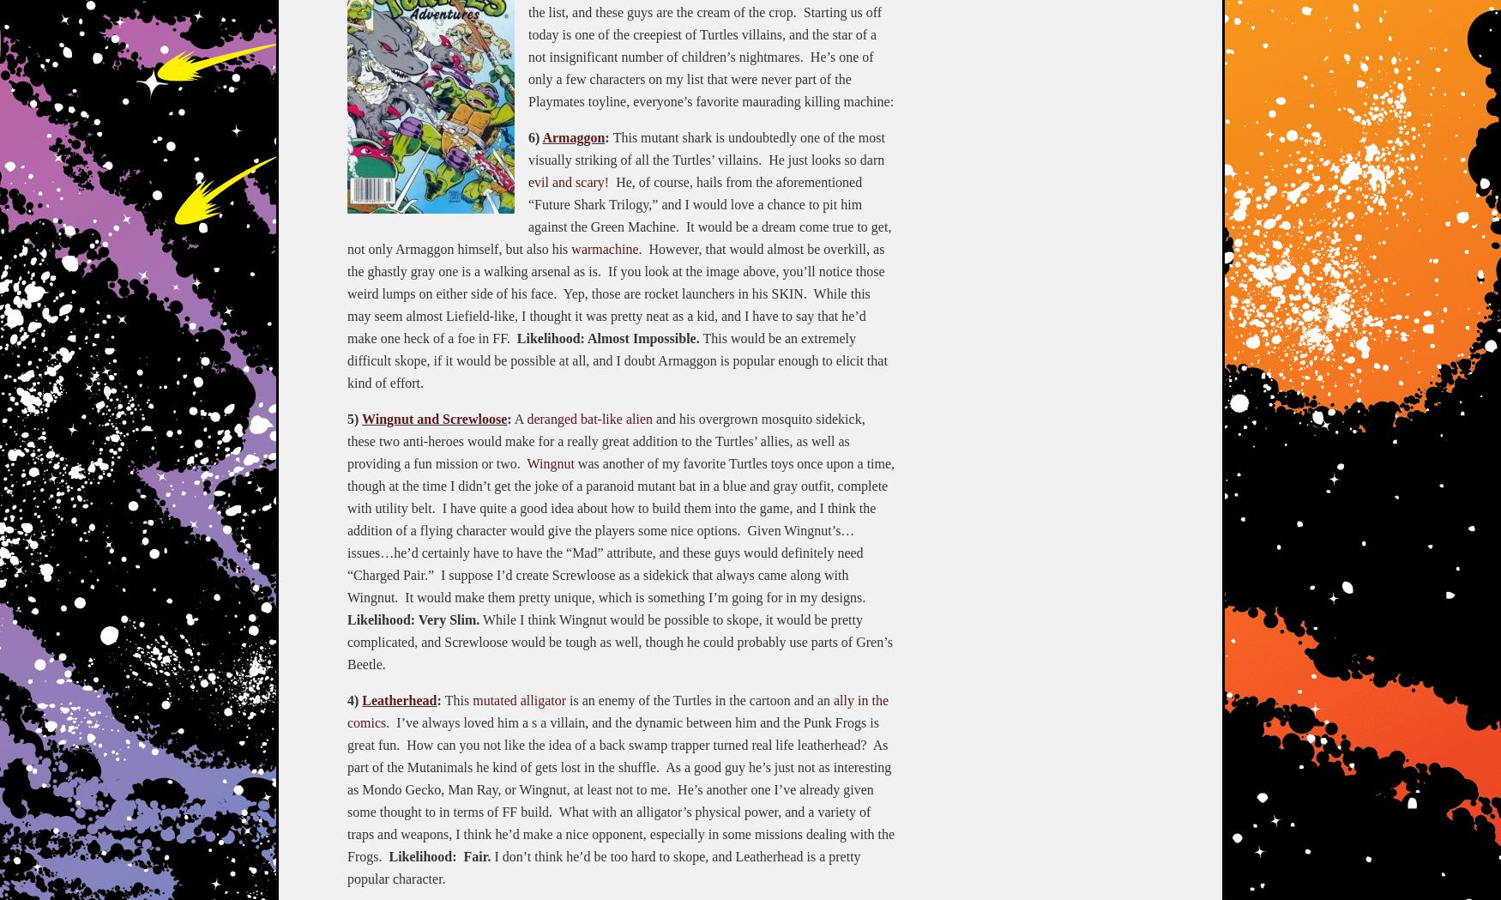 The image size is (1501, 900). What do you see at coordinates (700, 698) in the screenshot?
I see `'is an enemy of the Turtles in the cartoon and an'` at bounding box center [700, 698].